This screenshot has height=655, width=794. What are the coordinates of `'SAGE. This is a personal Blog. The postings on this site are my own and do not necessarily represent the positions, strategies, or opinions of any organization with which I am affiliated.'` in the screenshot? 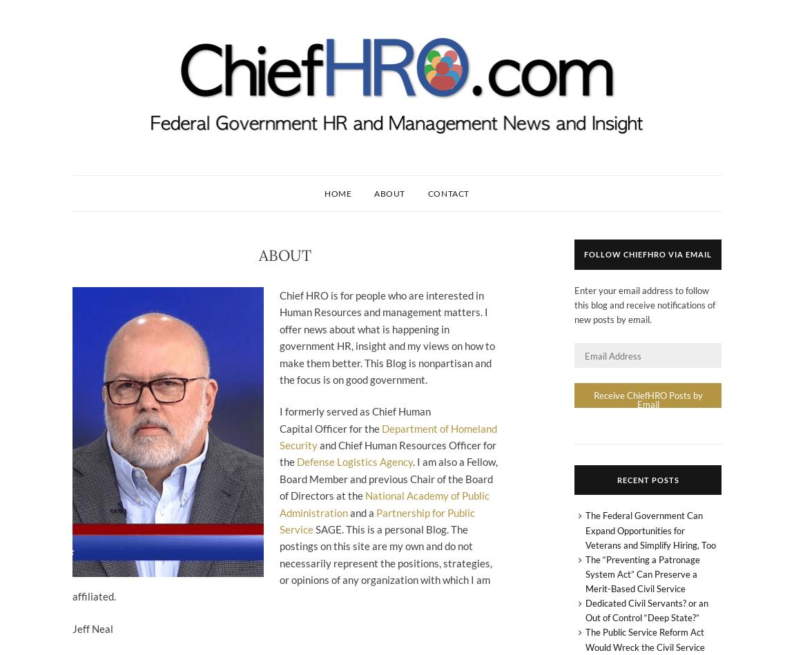 It's located at (71, 562).